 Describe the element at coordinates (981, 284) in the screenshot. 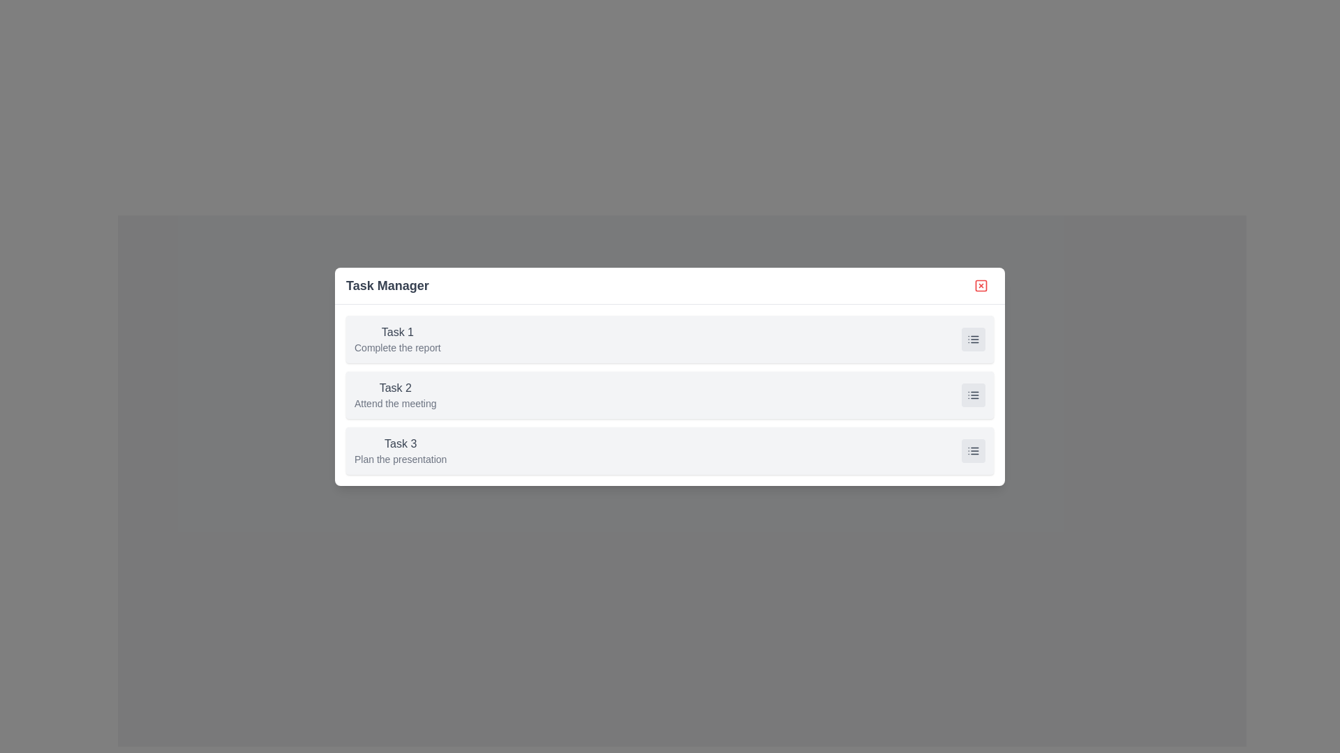

I see `the close button in the top-right corner of the dialog` at that location.